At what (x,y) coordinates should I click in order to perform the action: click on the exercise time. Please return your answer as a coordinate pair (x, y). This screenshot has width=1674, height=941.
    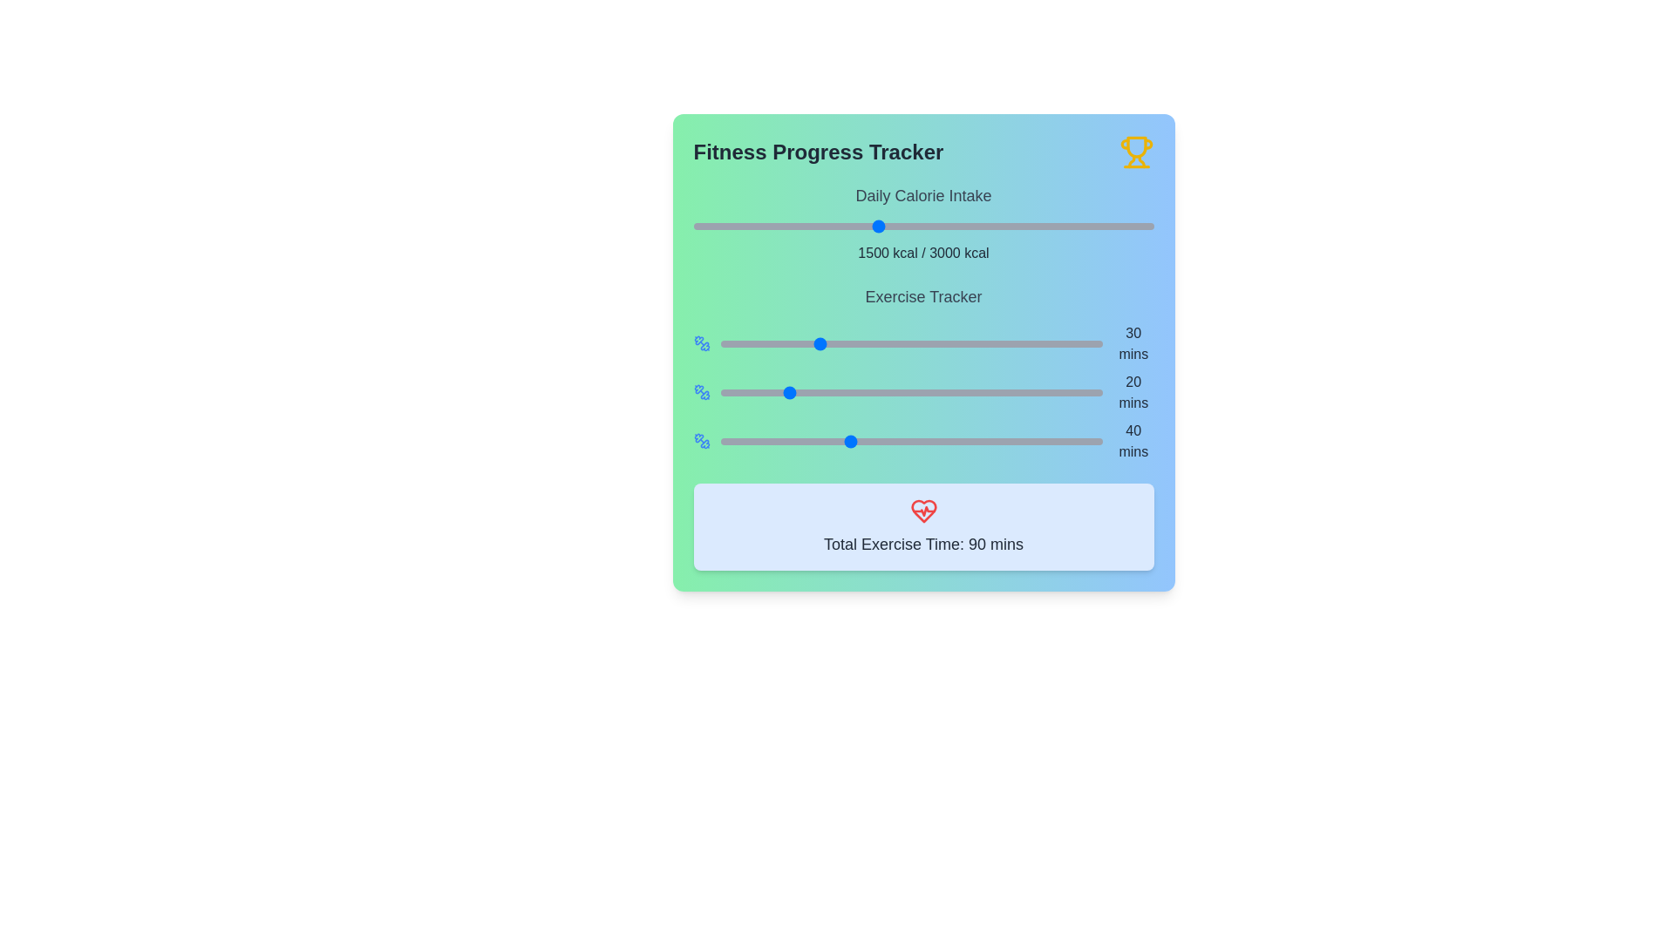
    Looking at the image, I should click on (930, 440).